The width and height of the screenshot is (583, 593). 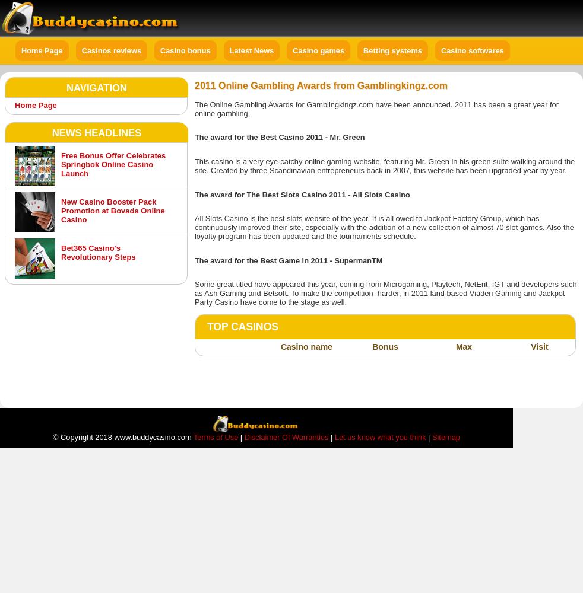 What do you see at coordinates (112, 210) in the screenshot?
I see `'New Casino Booster Pack Promotion at Bovada Online Casino'` at bounding box center [112, 210].